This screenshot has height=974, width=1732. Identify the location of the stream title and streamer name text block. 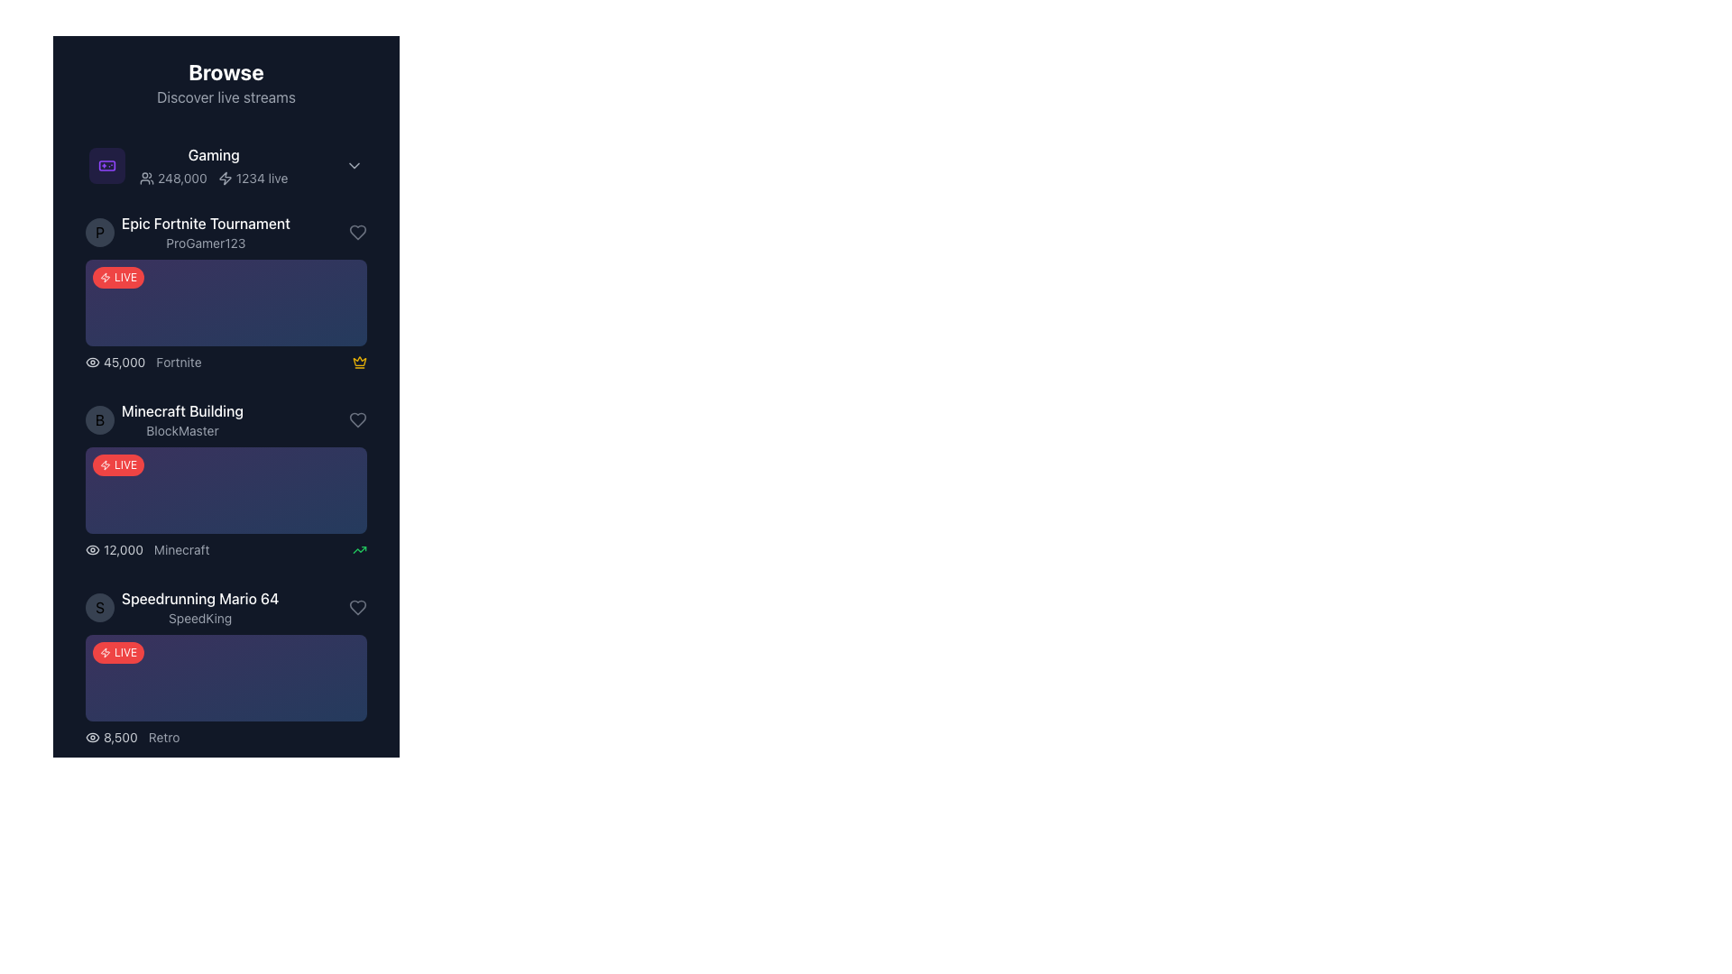
(200, 608).